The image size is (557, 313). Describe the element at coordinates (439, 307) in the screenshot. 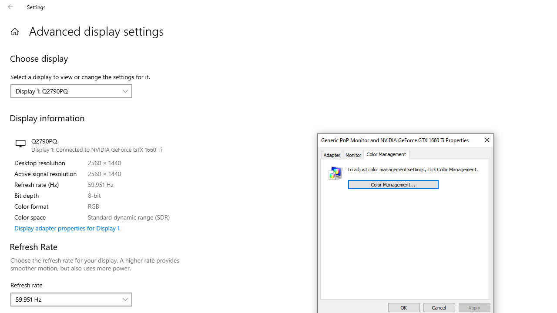

I see `'Cancel'` at that location.